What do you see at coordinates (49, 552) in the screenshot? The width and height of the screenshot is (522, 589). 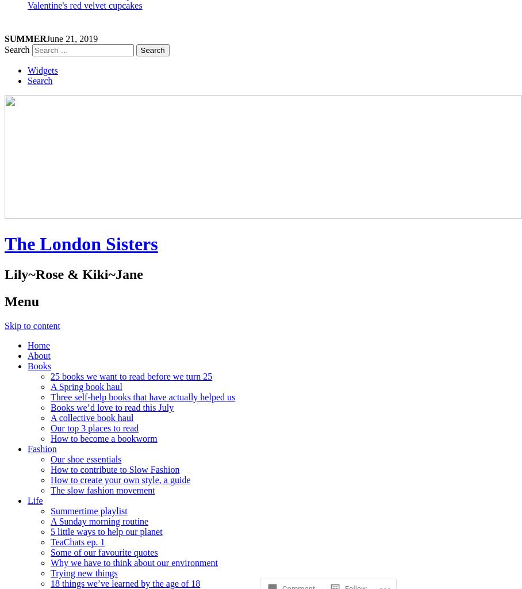 I see `'Some of our favourite quotes'` at bounding box center [49, 552].